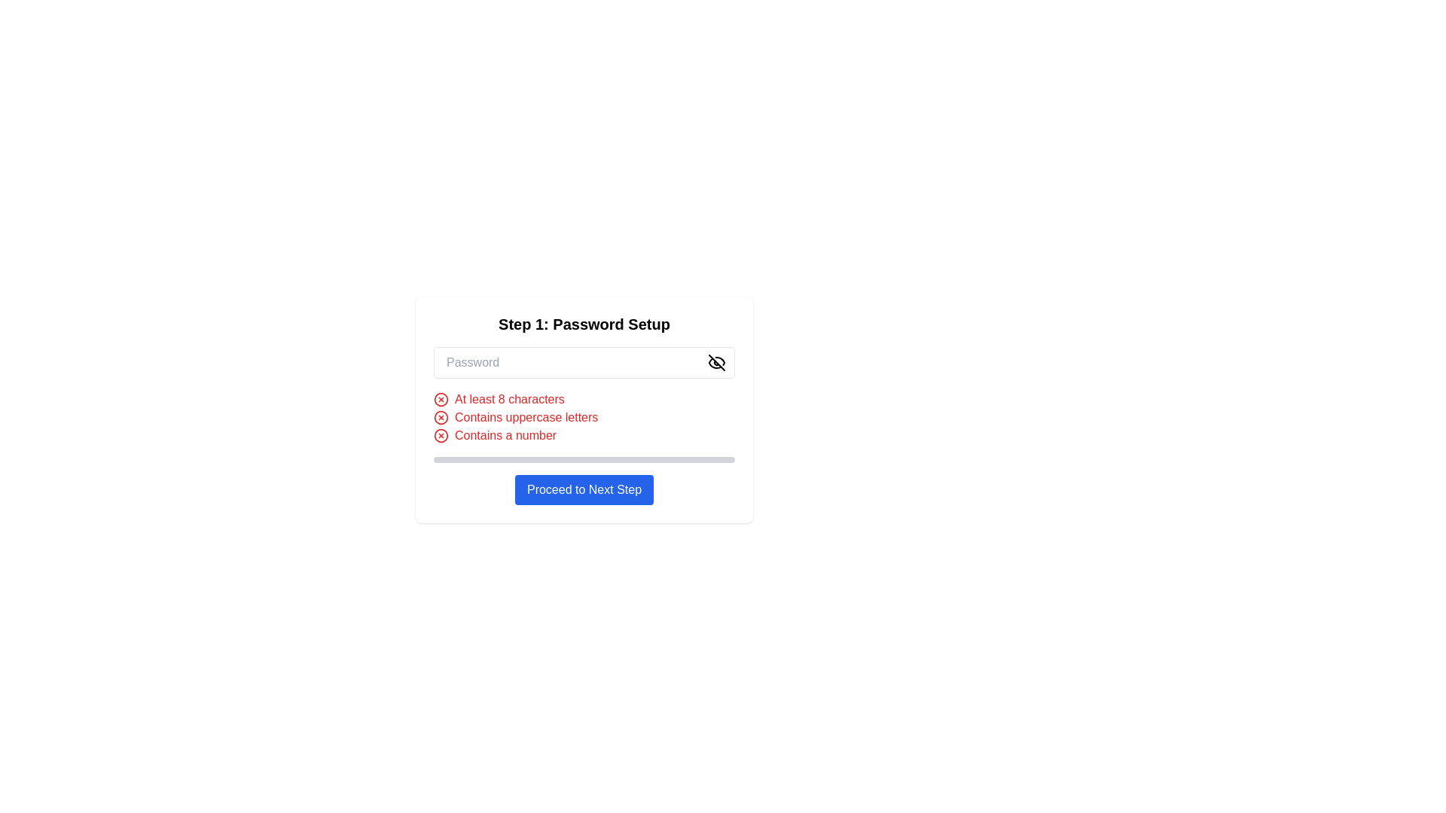 The image size is (1446, 813). What do you see at coordinates (440, 435) in the screenshot?
I see `the visual indicator icon that shows the condition 'Contains a number' has not been fulfilled, located to the left of the corresponding text` at bounding box center [440, 435].